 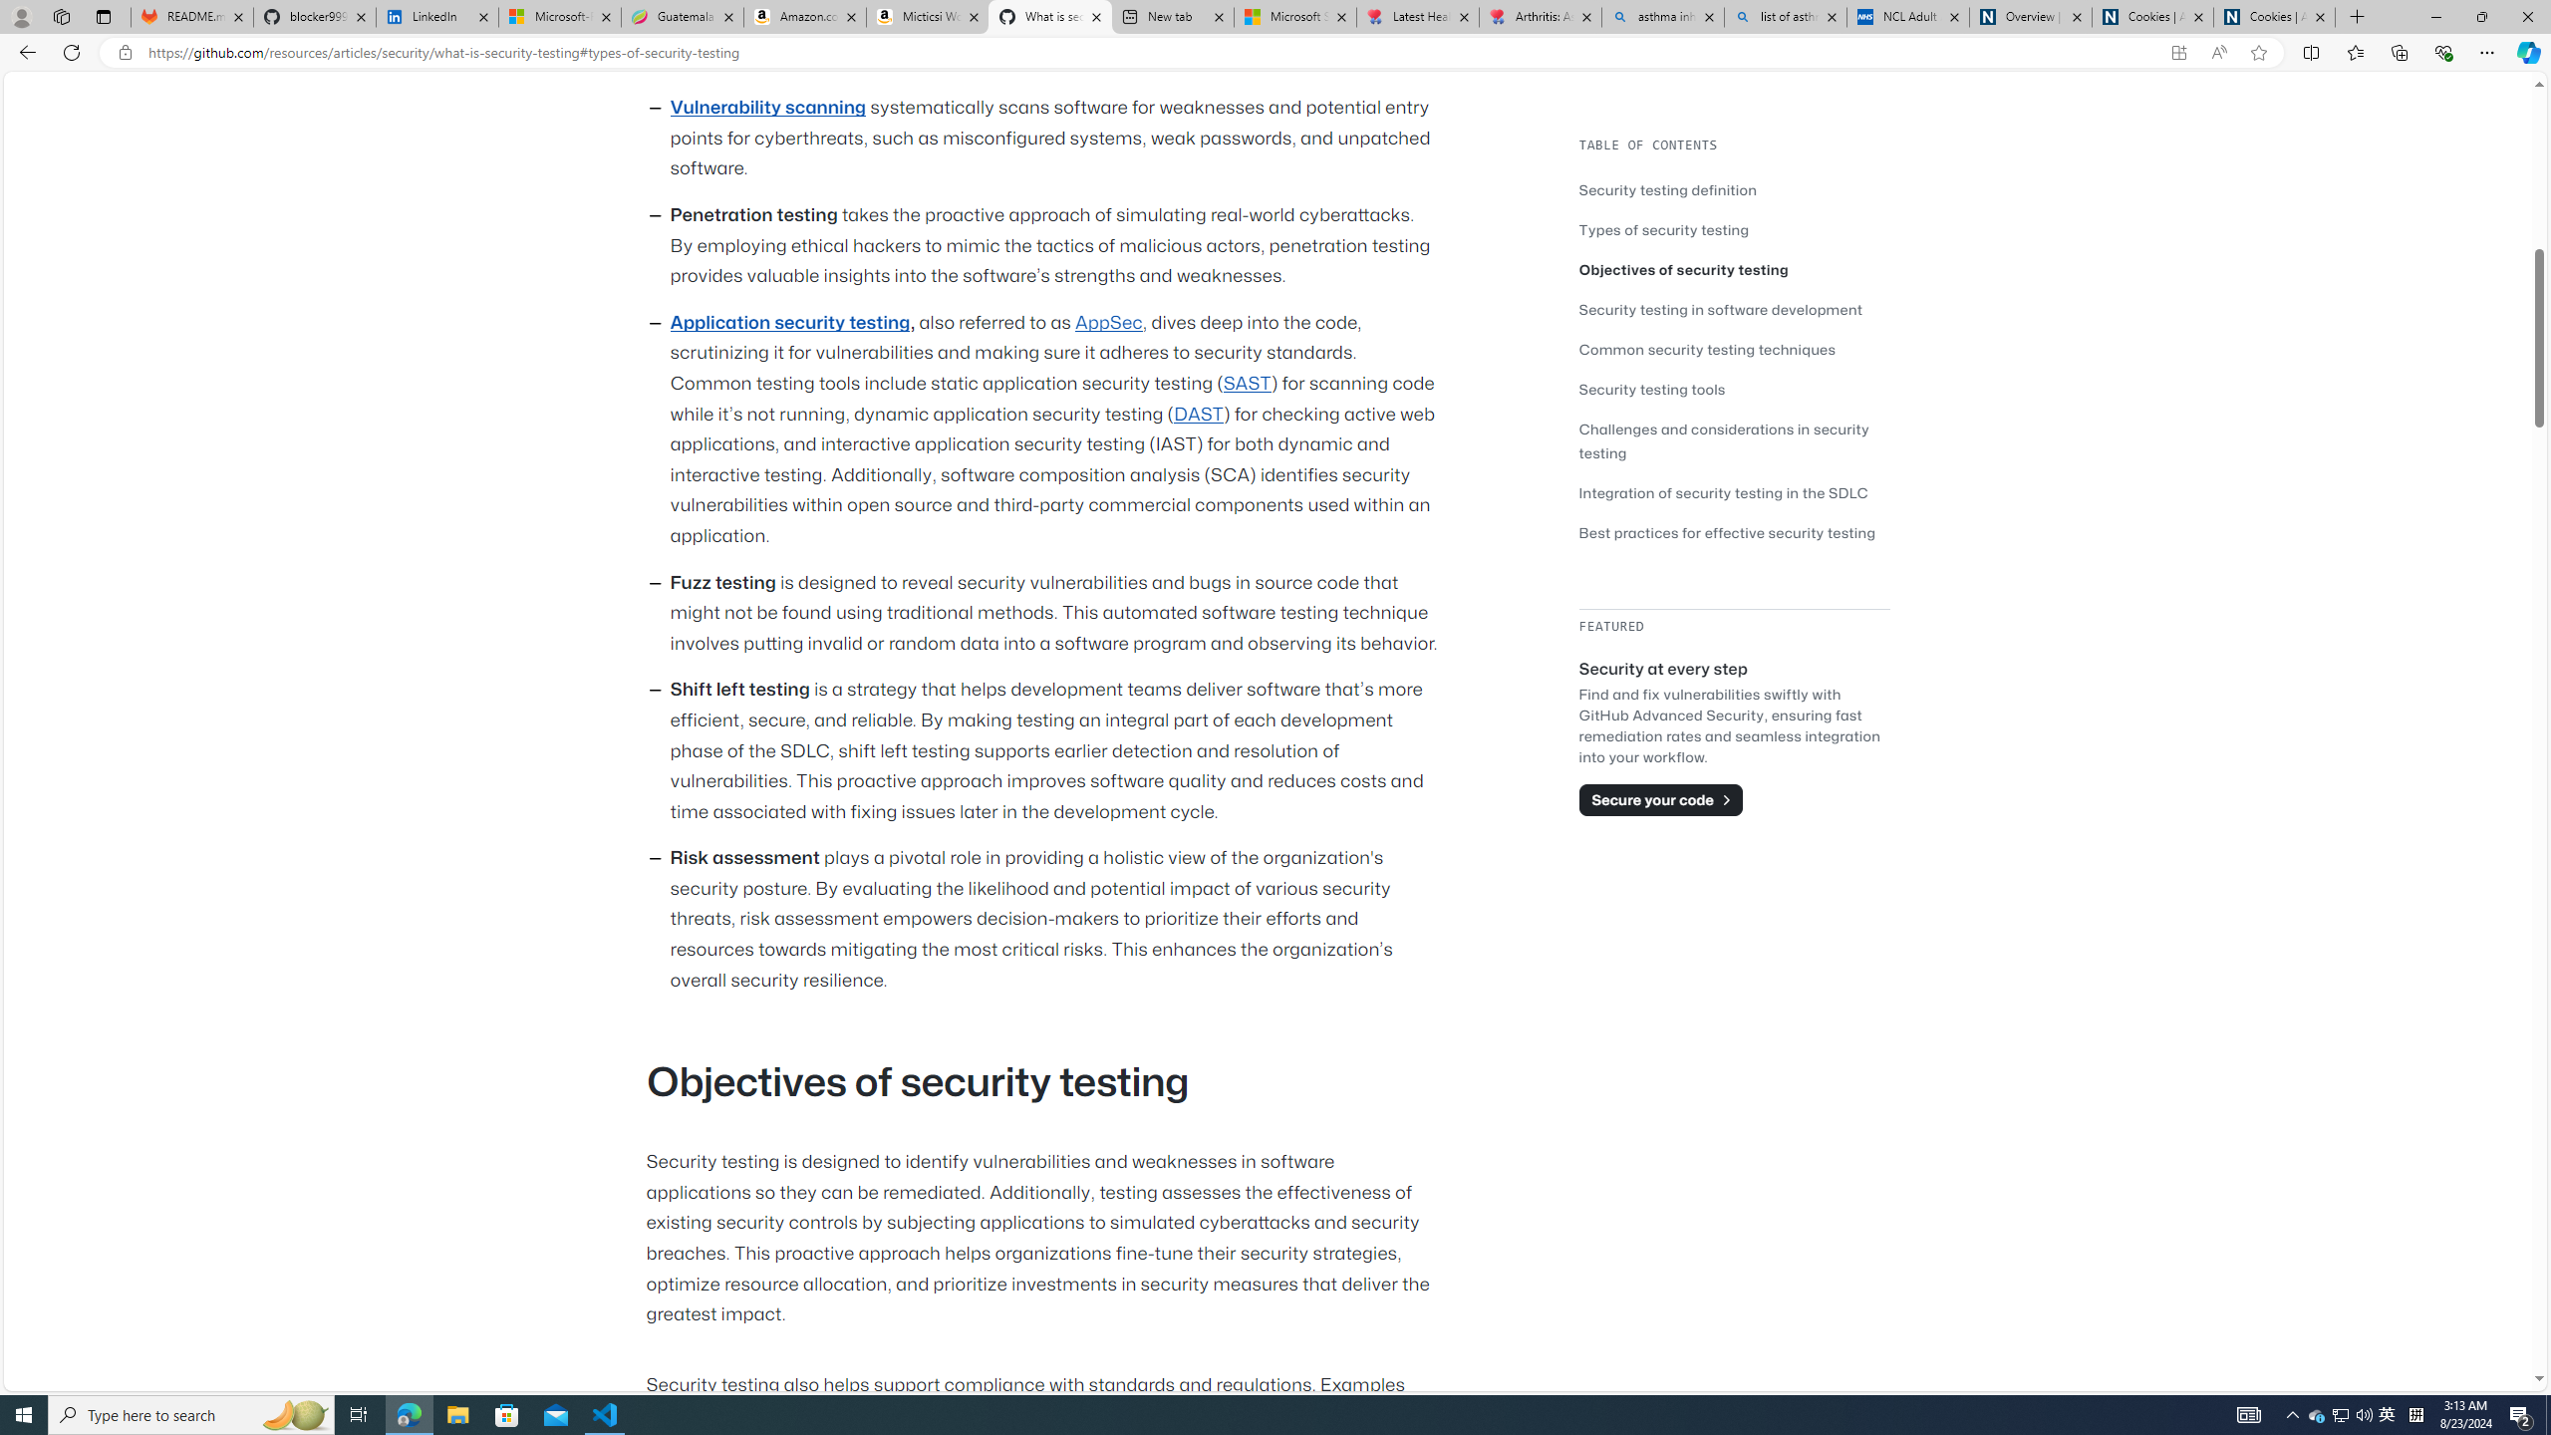 What do you see at coordinates (1652, 389) in the screenshot?
I see `'Security testing tools'` at bounding box center [1652, 389].